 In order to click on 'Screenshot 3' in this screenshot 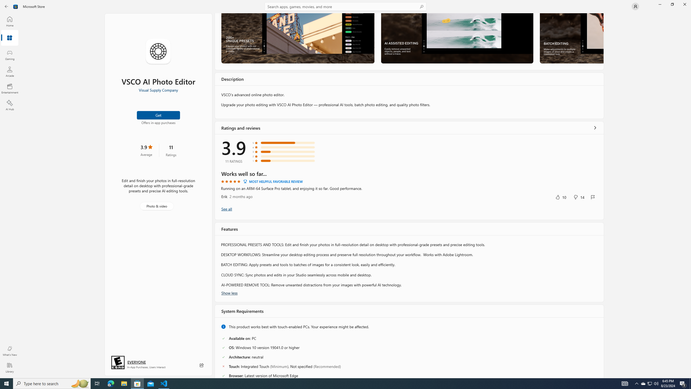, I will do `click(571, 38)`.